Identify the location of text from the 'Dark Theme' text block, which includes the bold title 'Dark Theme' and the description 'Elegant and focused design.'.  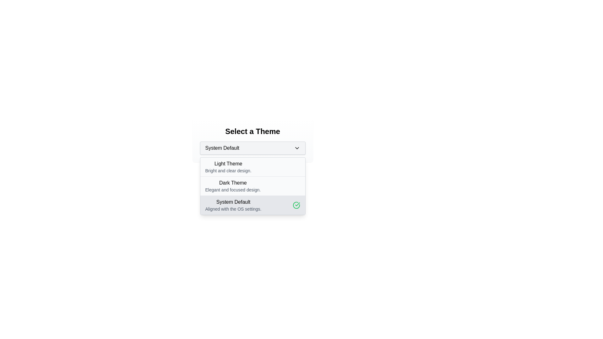
(253, 186).